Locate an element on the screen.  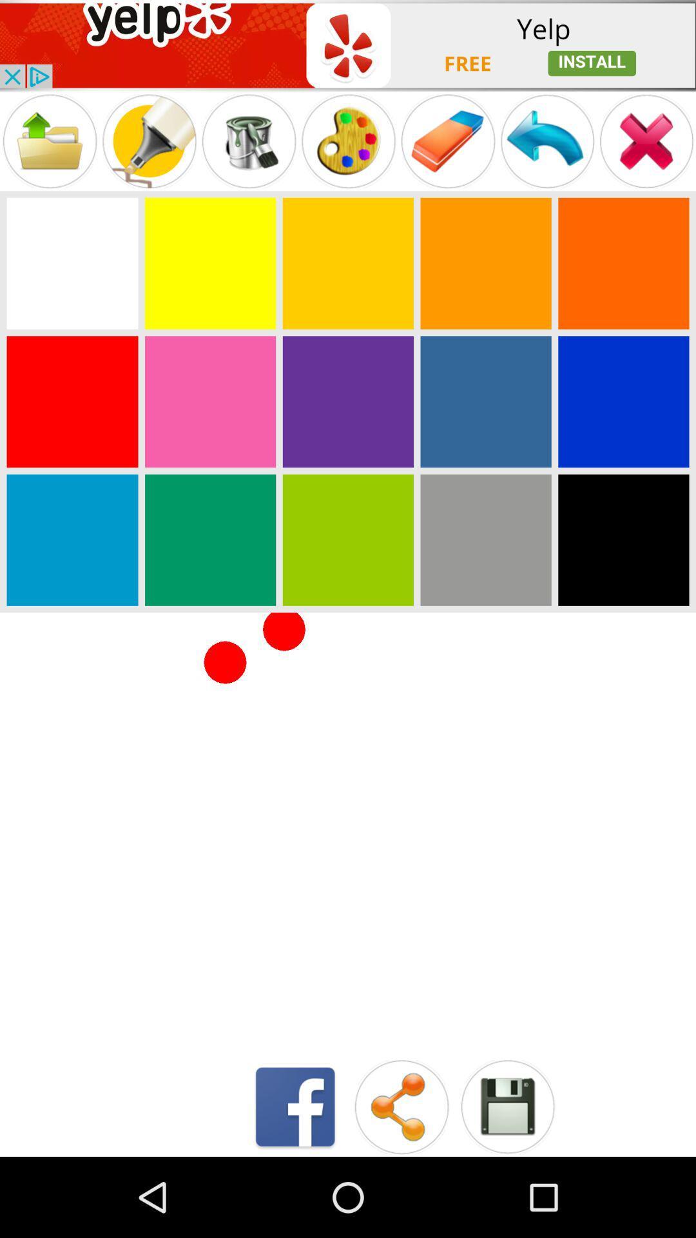
share to facebook is located at coordinates (295, 1106).